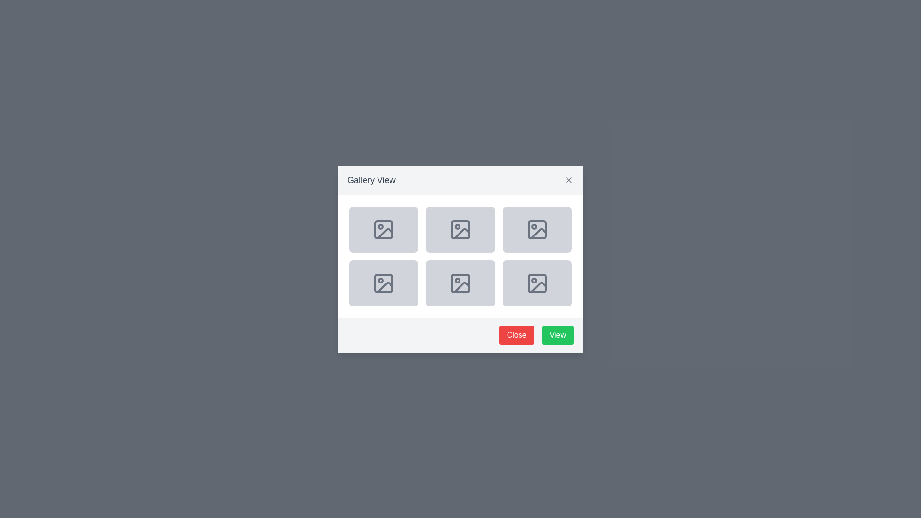 This screenshot has width=921, height=518. Describe the element at coordinates (536, 229) in the screenshot. I see `the SVG rectangle representing the image thumbnail in the top-right cell of the gallery grid` at that location.